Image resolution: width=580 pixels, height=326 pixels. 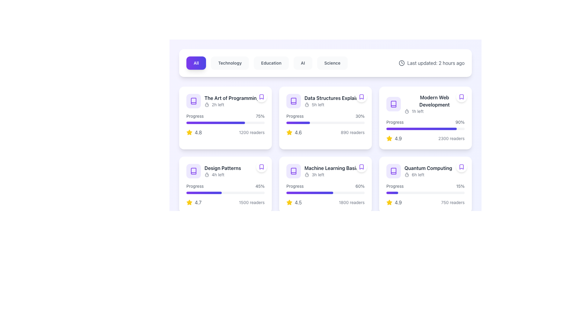 What do you see at coordinates (303, 63) in the screenshot?
I see `the 'AI' button in the navigation bar` at bounding box center [303, 63].